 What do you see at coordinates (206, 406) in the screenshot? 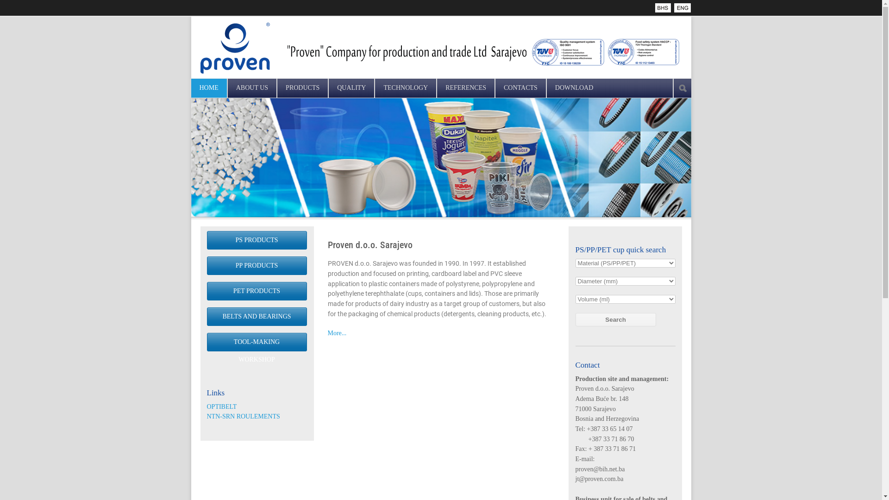
I see `'OPTIBELT'` at bounding box center [206, 406].